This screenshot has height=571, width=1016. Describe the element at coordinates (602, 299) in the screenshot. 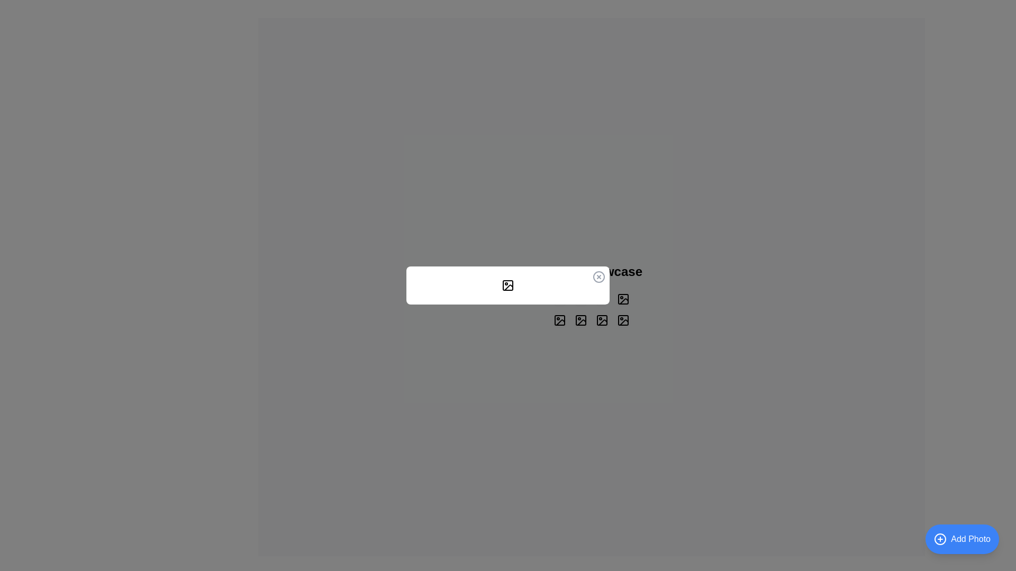

I see `the button in the third column of the grid layout to interact with its functionality for zooming or expanding the associated image` at that location.